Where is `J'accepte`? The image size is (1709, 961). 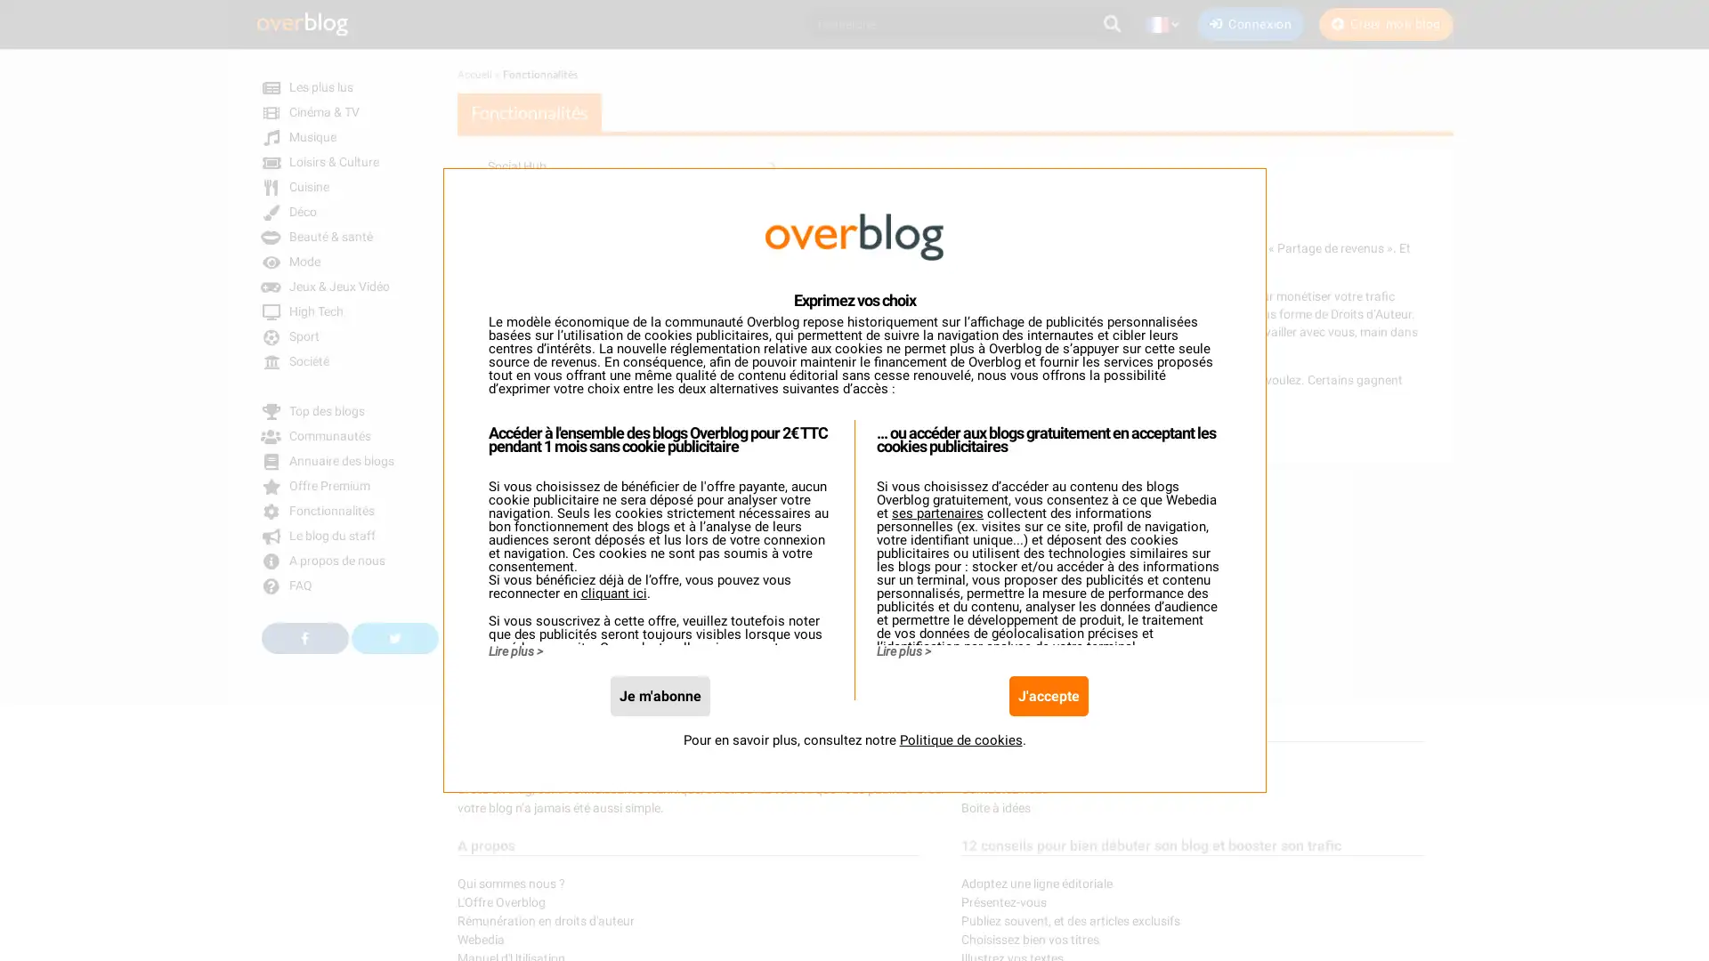
J'accepte is located at coordinates (1048, 694).